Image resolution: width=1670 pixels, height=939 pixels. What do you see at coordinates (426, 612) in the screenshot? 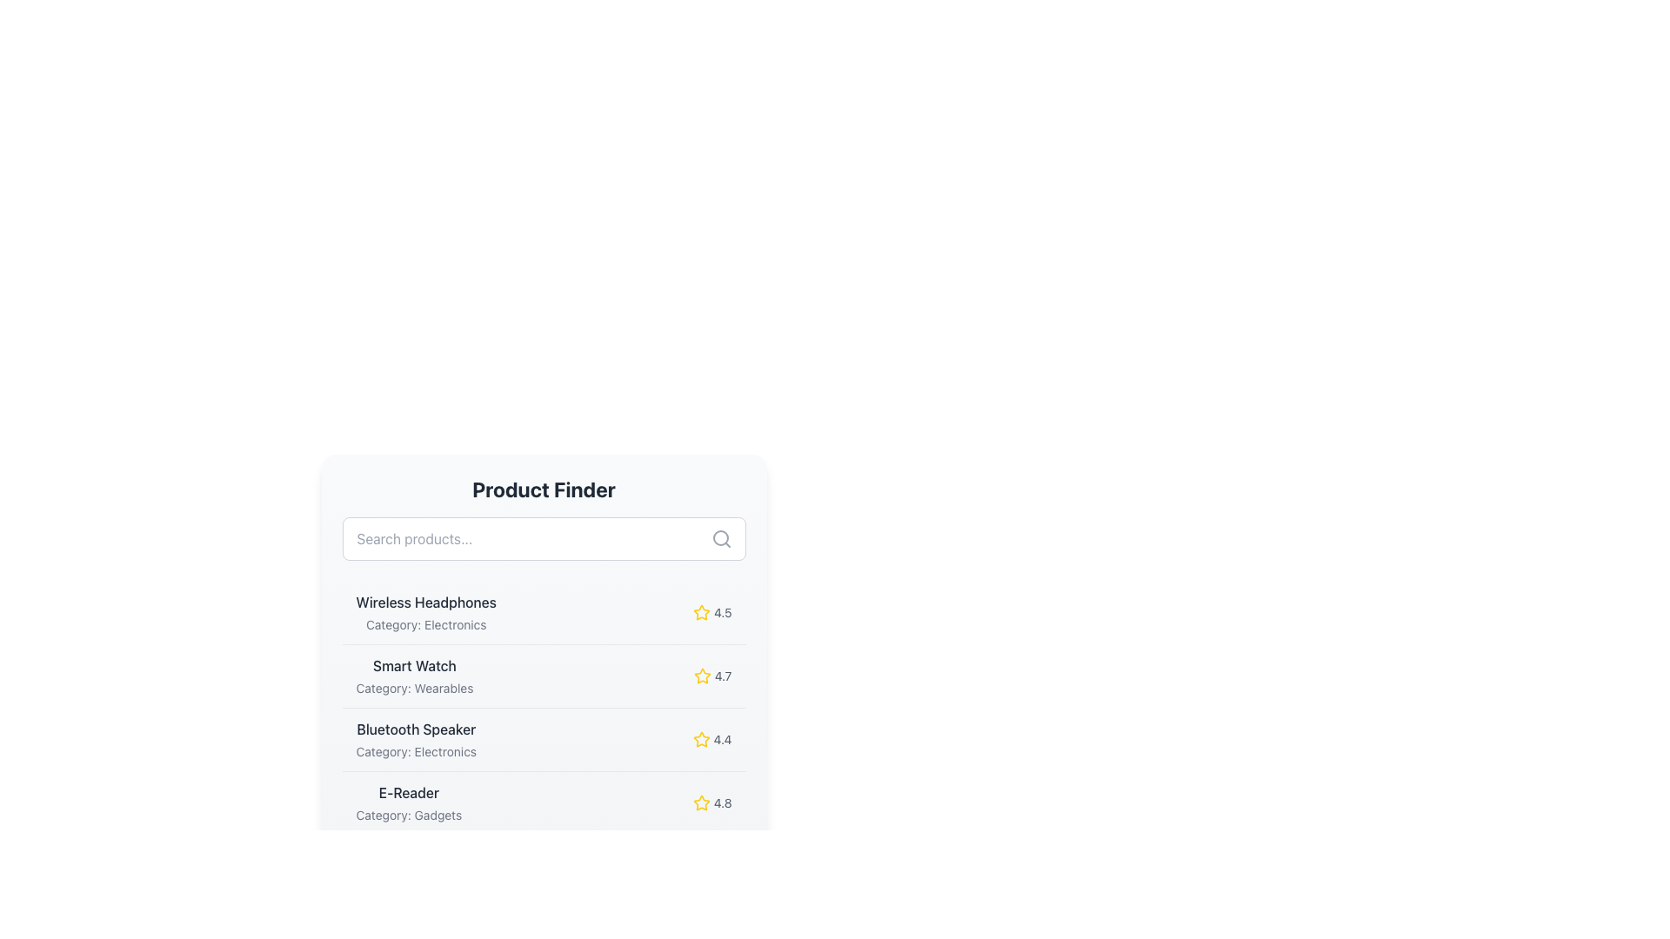
I see `text display element showing the product name 'Wireless Headphones' and category 'Electronics', which is the first item in the Product Finder interface` at bounding box center [426, 612].